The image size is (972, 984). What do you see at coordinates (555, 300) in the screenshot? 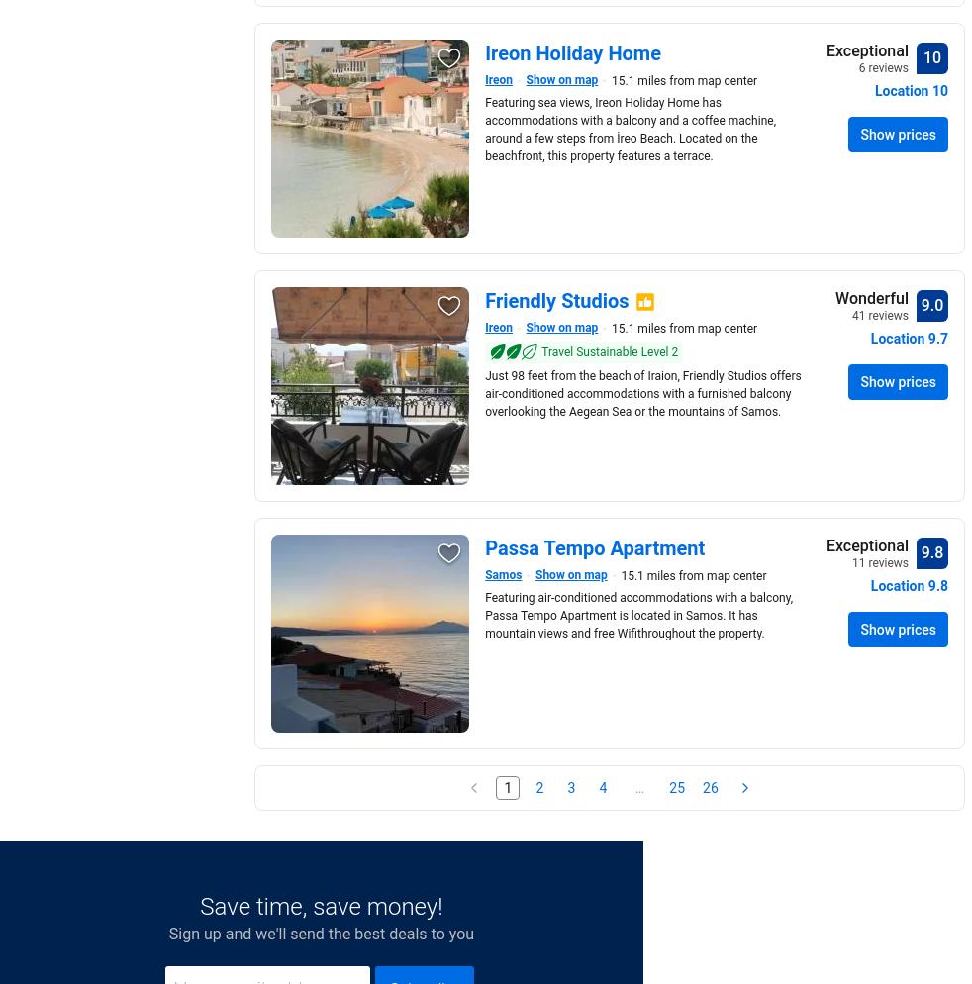
I see `'Friendly Studios'` at bounding box center [555, 300].